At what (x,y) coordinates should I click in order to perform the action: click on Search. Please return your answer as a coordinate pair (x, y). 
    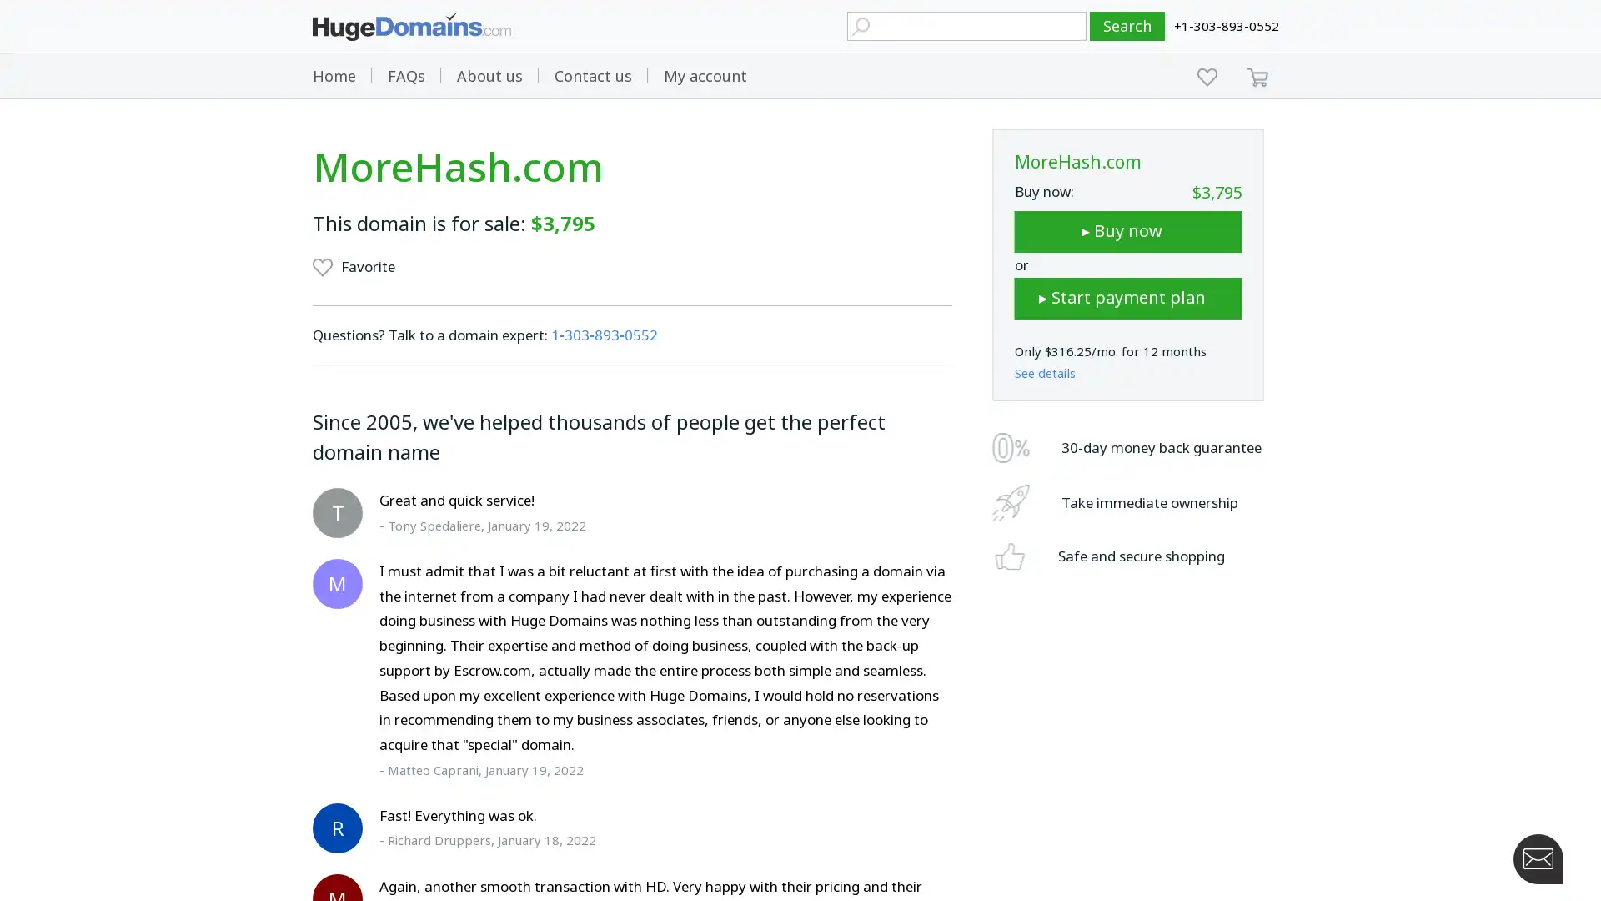
    Looking at the image, I should click on (1127, 26).